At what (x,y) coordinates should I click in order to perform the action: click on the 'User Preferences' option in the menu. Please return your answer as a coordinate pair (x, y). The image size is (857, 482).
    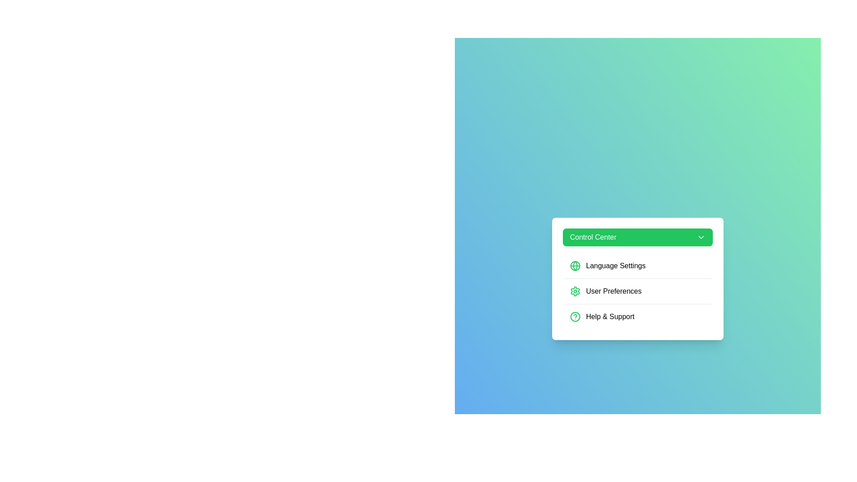
    Looking at the image, I should click on (637, 291).